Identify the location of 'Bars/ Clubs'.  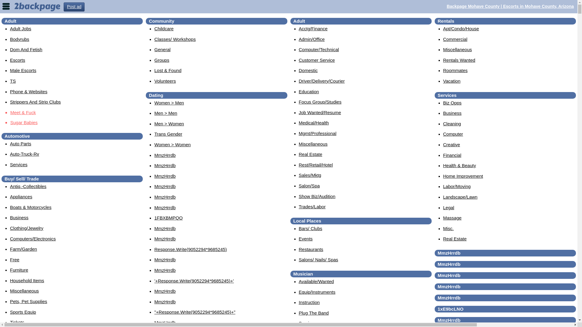
(311, 228).